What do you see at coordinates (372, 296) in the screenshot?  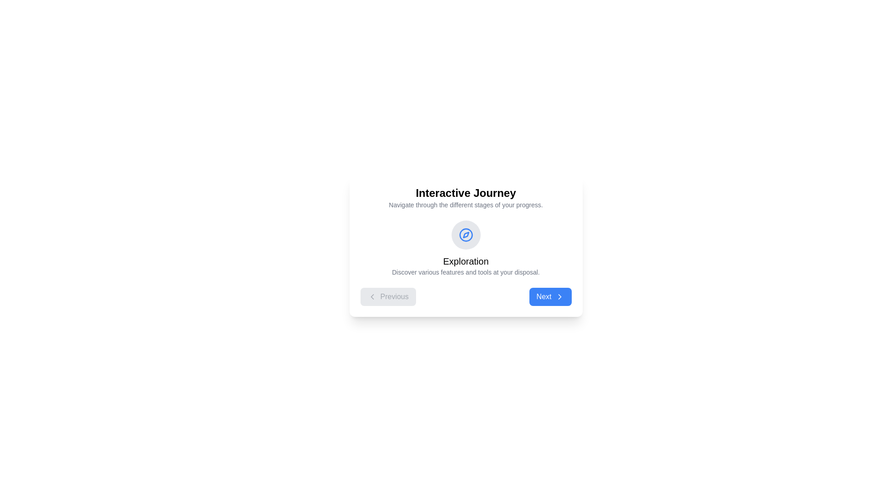 I see `the left-facing chevron icon within the gray 'Previous' button` at bounding box center [372, 296].